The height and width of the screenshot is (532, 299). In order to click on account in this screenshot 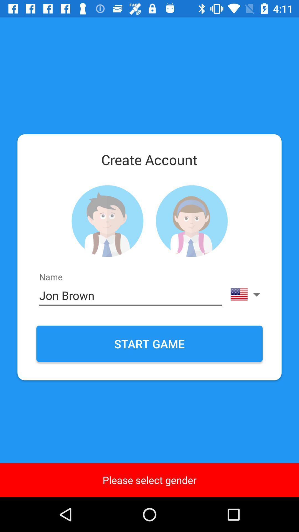, I will do `click(107, 221)`.